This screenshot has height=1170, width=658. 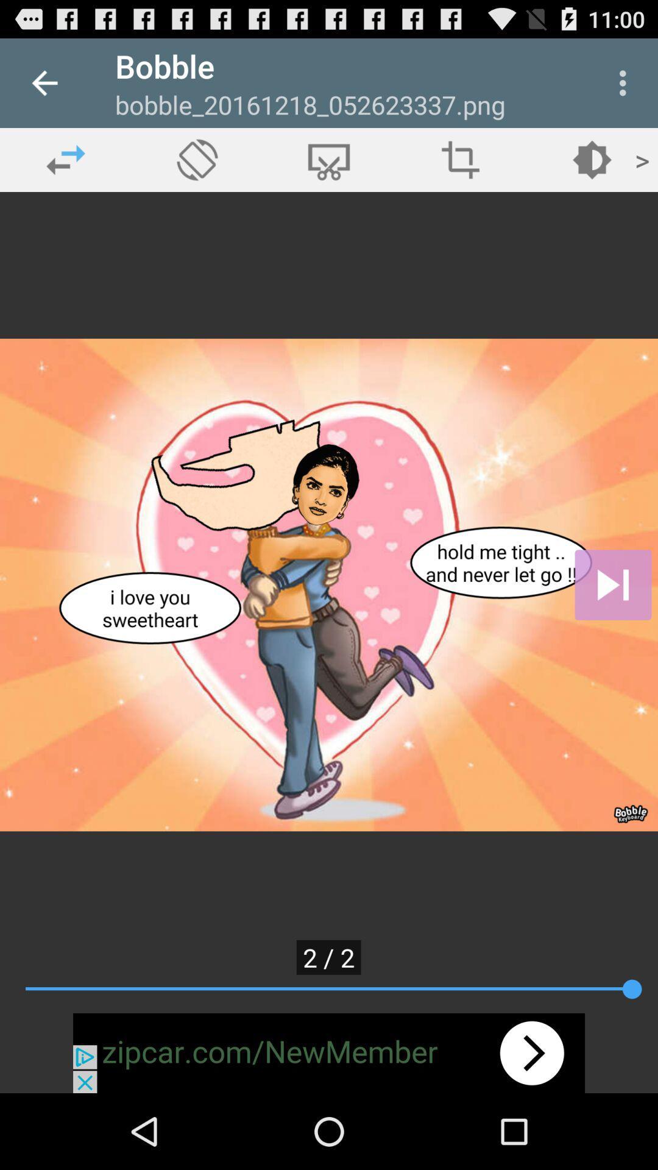 What do you see at coordinates (197, 159) in the screenshot?
I see `rotate screen` at bounding box center [197, 159].